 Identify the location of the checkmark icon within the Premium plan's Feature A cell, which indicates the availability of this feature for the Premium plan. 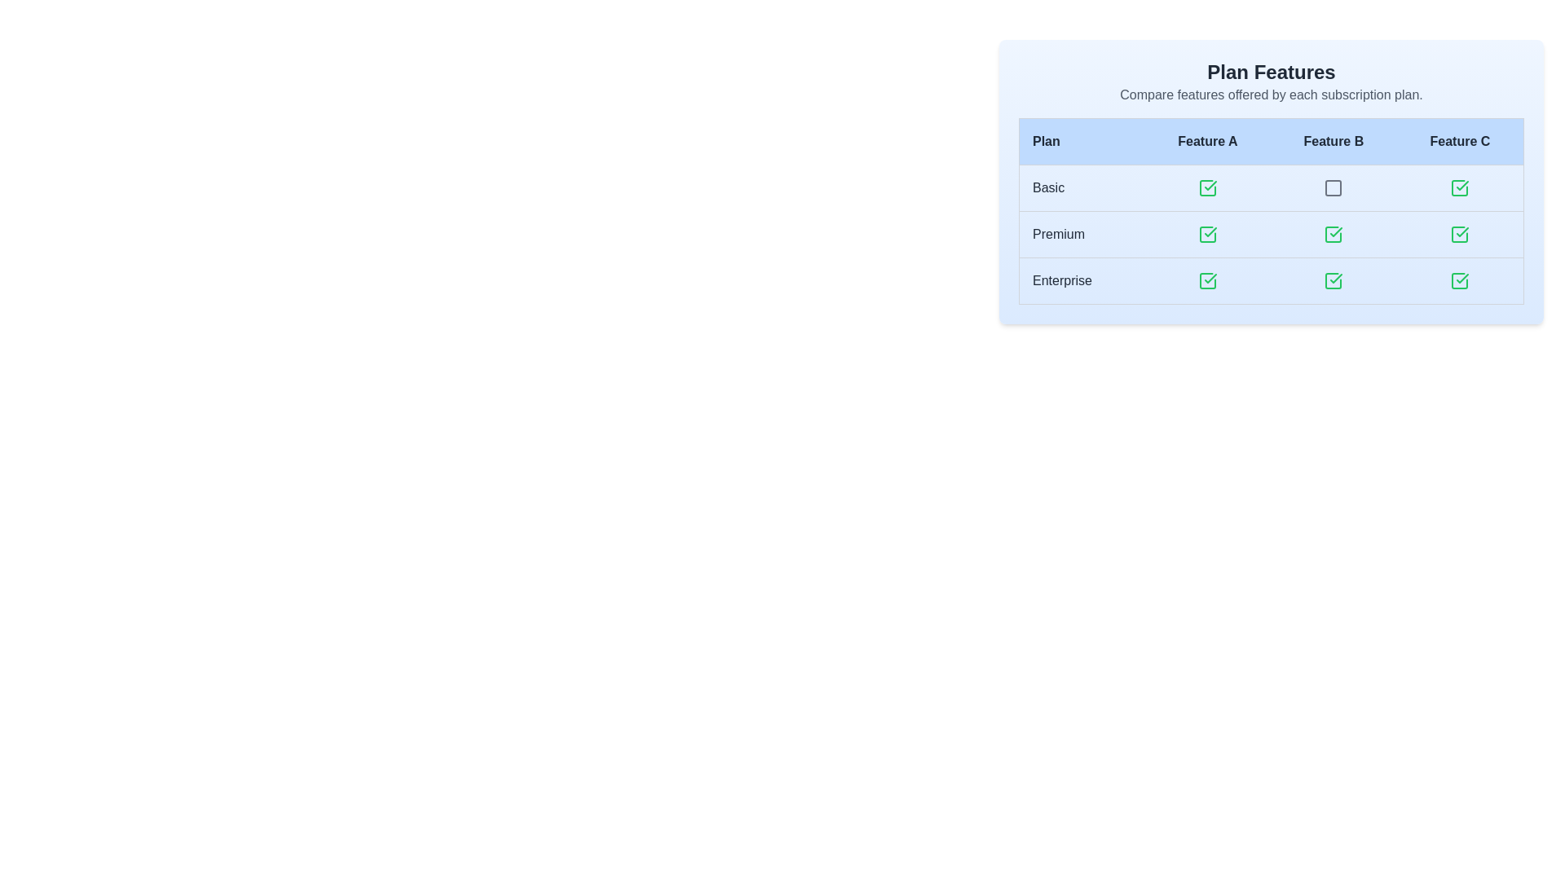
(1207, 235).